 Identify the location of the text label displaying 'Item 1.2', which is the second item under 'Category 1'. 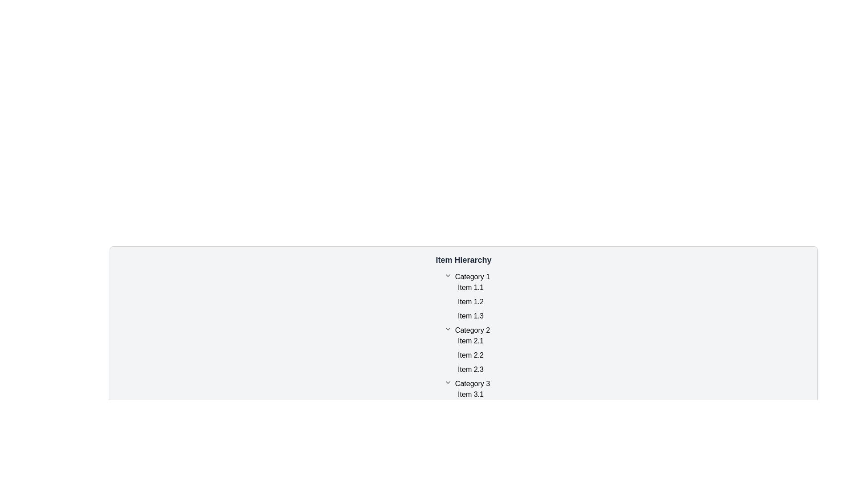
(470, 302).